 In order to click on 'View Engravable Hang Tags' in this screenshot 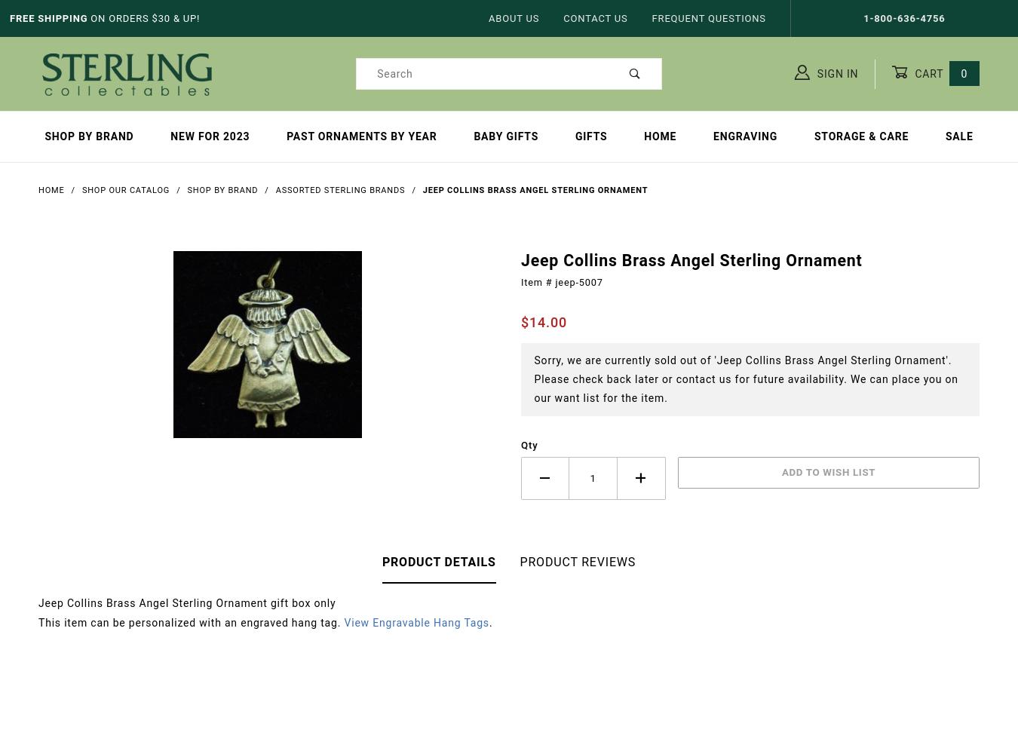, I will do `click(343, 621)`.